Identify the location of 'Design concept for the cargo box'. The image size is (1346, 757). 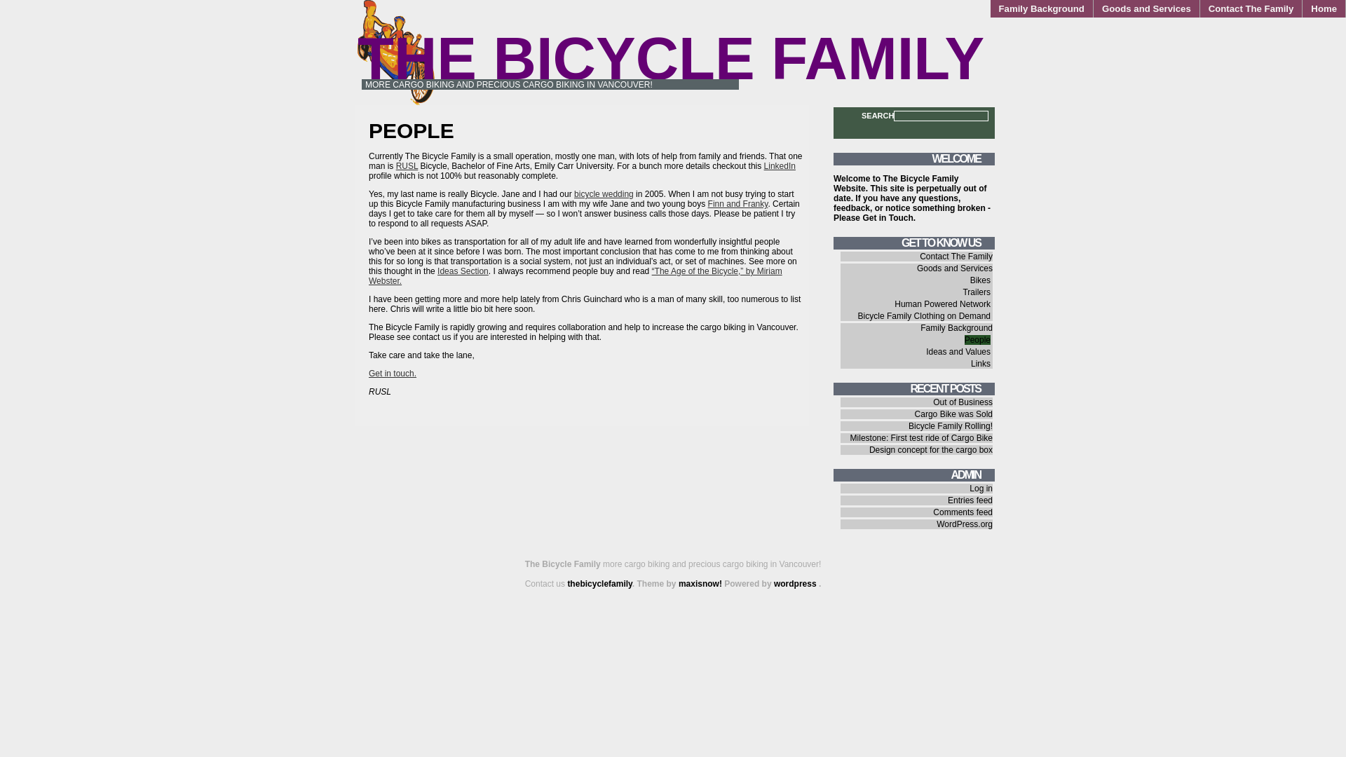
(931, 449).